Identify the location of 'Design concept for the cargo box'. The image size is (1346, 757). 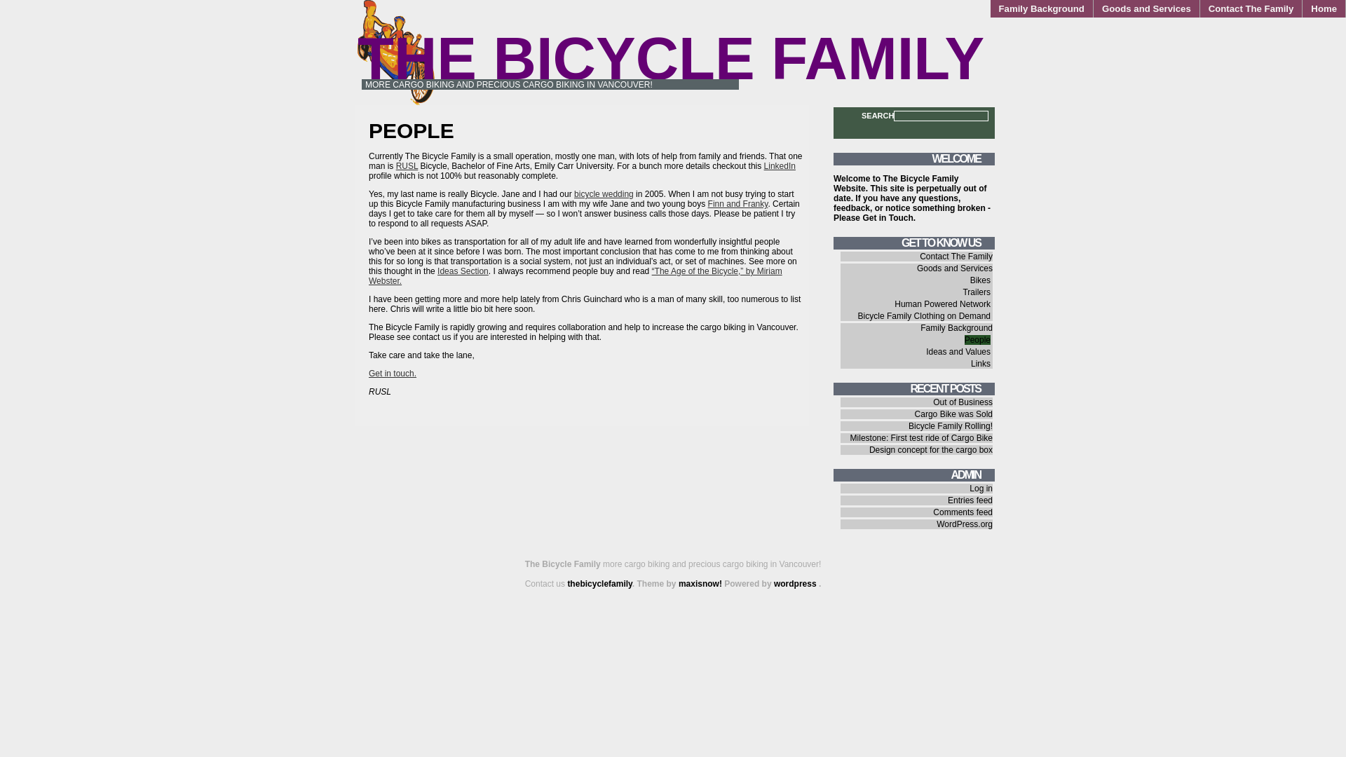
(931, 449).